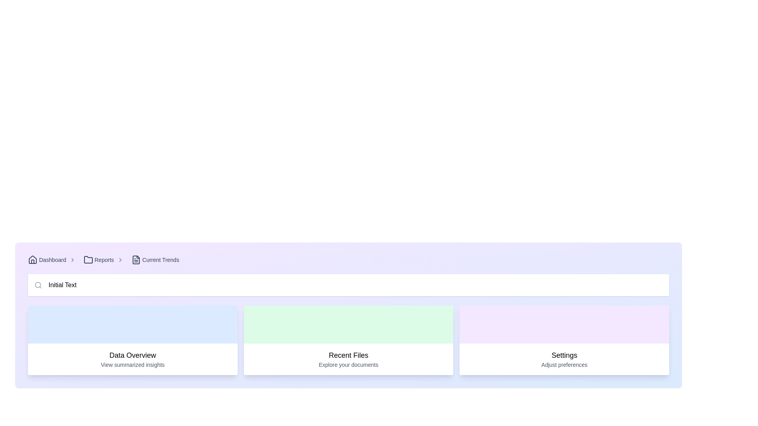 The image size is (758, 426). I want to click on the magnifying glass icon to focus the related input field labeled 'Initial Text' within the white rectangular search bar, so click(38, 285).